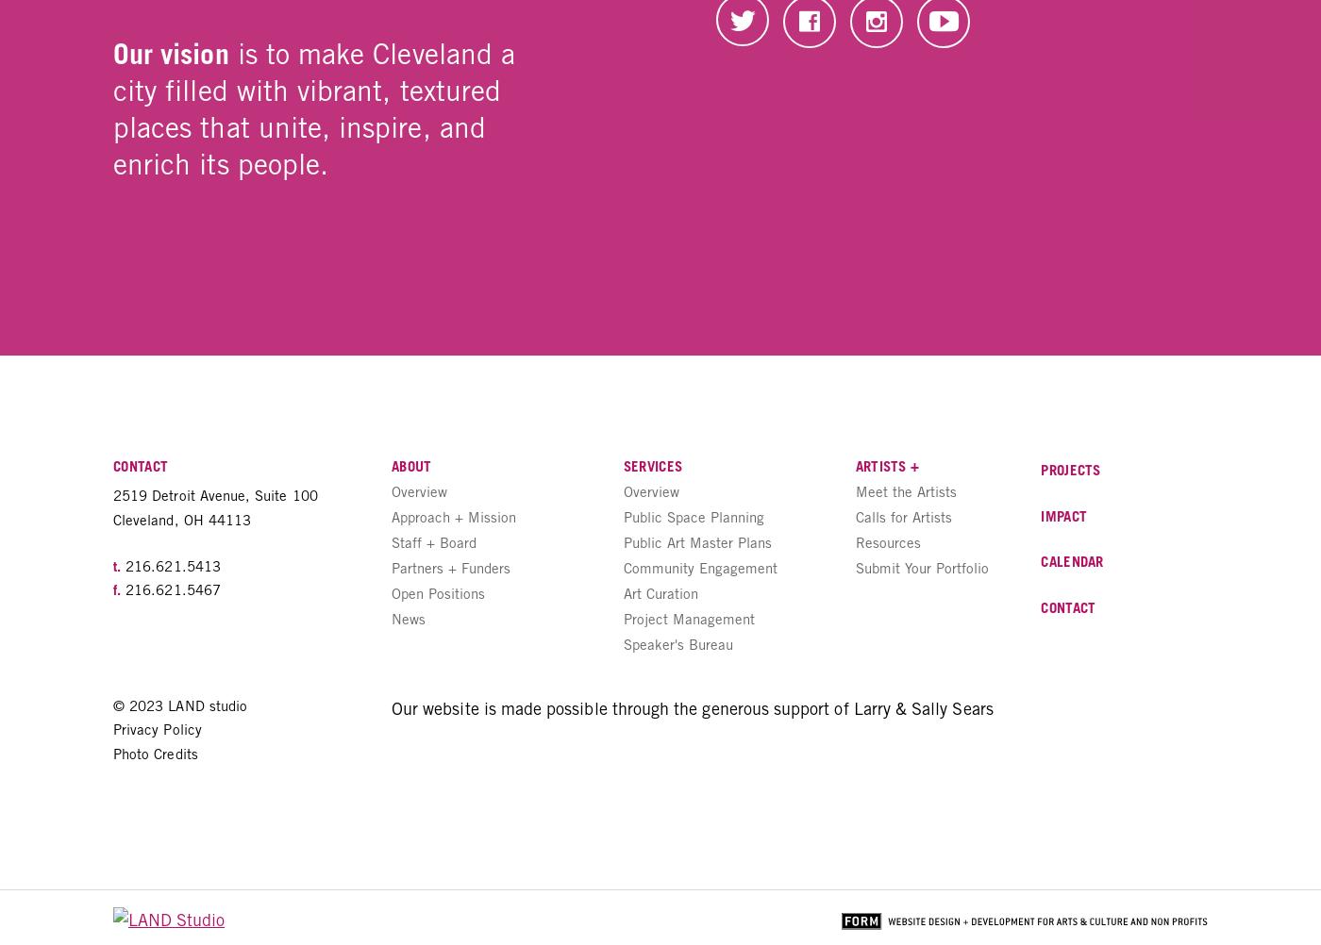  What do you see at coordinates (699, 567) in the screenshot?
I see `'Community Engagement'` at bounding box center [699, 567].